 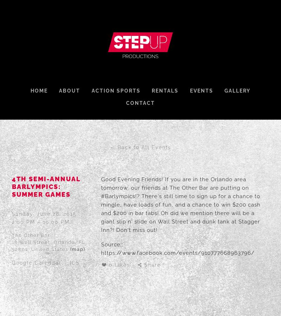 I want to click on 'Back to All Events', so click(x=118, y=147).